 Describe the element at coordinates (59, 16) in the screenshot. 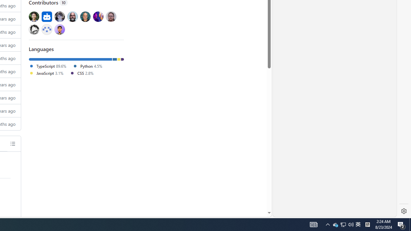

I see `'@davidak'` at that location.